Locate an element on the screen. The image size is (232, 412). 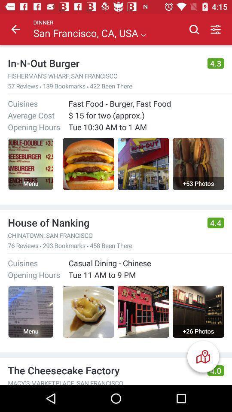
tue 10 30 is located at coordinates (107, 127).